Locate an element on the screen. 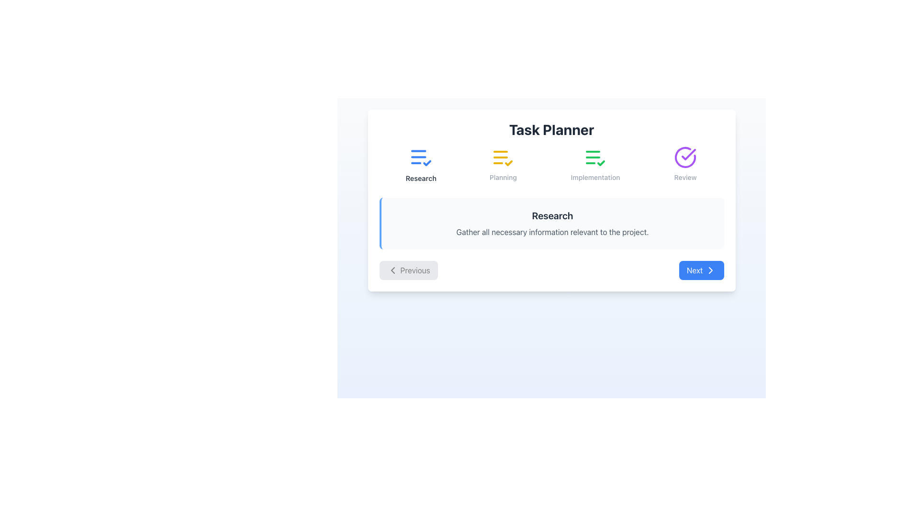 This screenshot has width=919, height=517. the 'Research' component, which consists of a blue icon depicting a checkmark and a dark font label is located at coordinates (421, 164).